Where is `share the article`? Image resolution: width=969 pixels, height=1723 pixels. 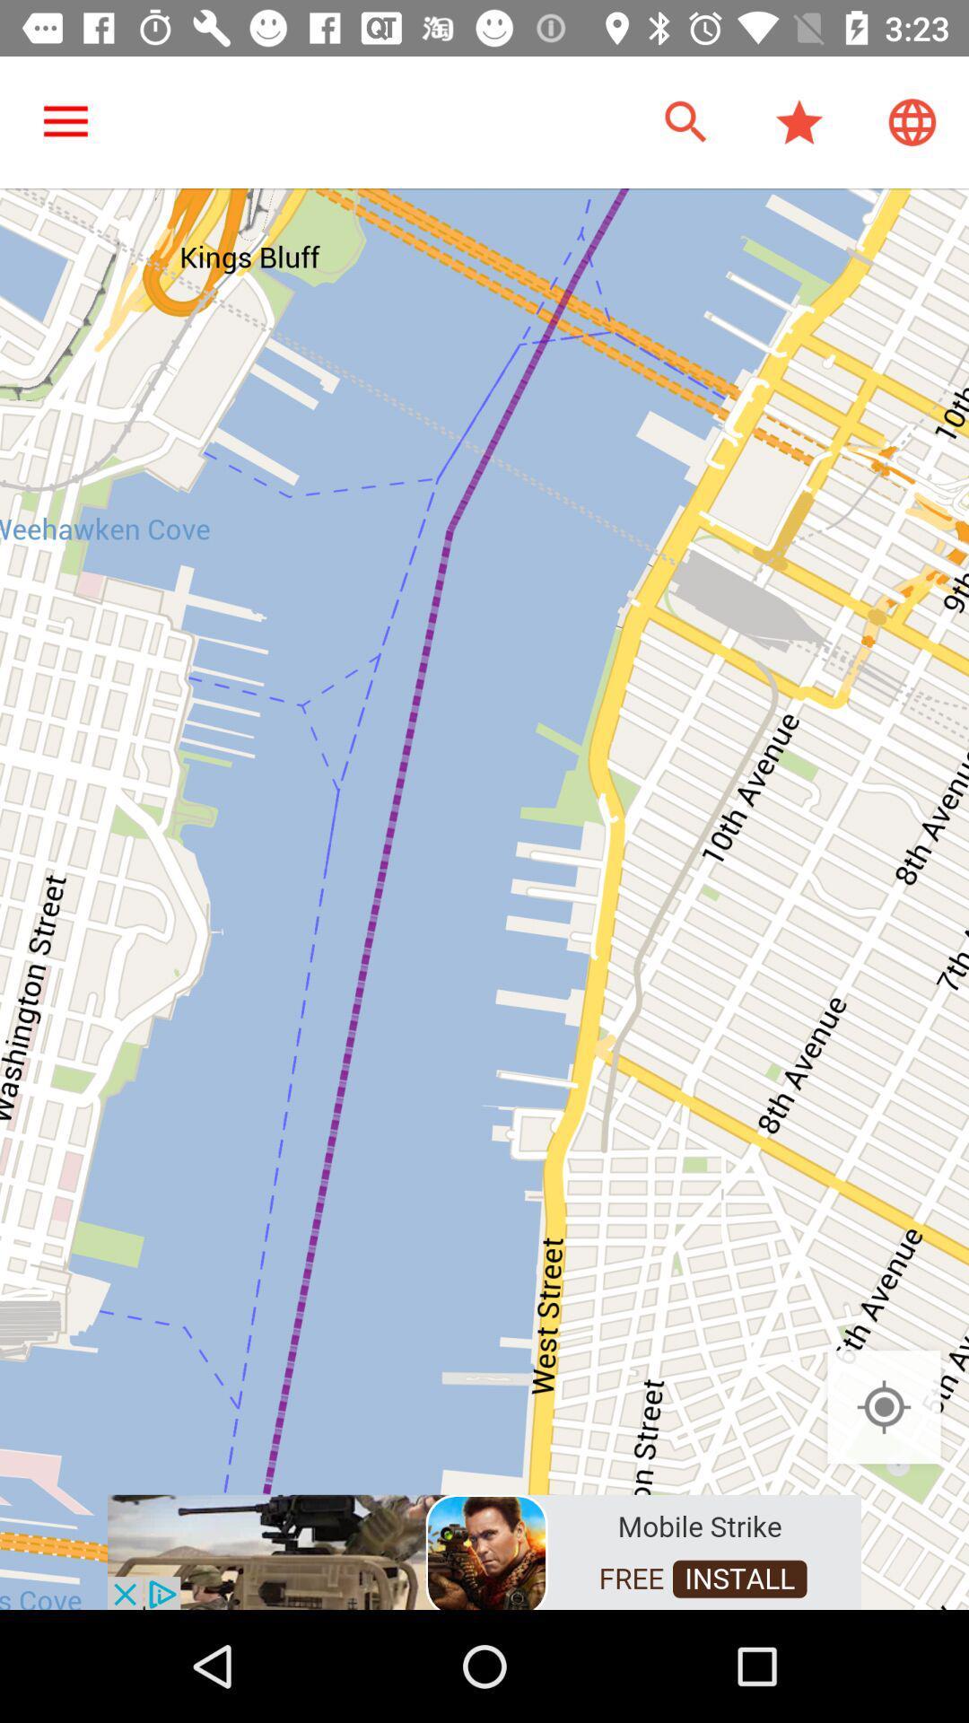
share the article is located at coordinates (484, 1550).